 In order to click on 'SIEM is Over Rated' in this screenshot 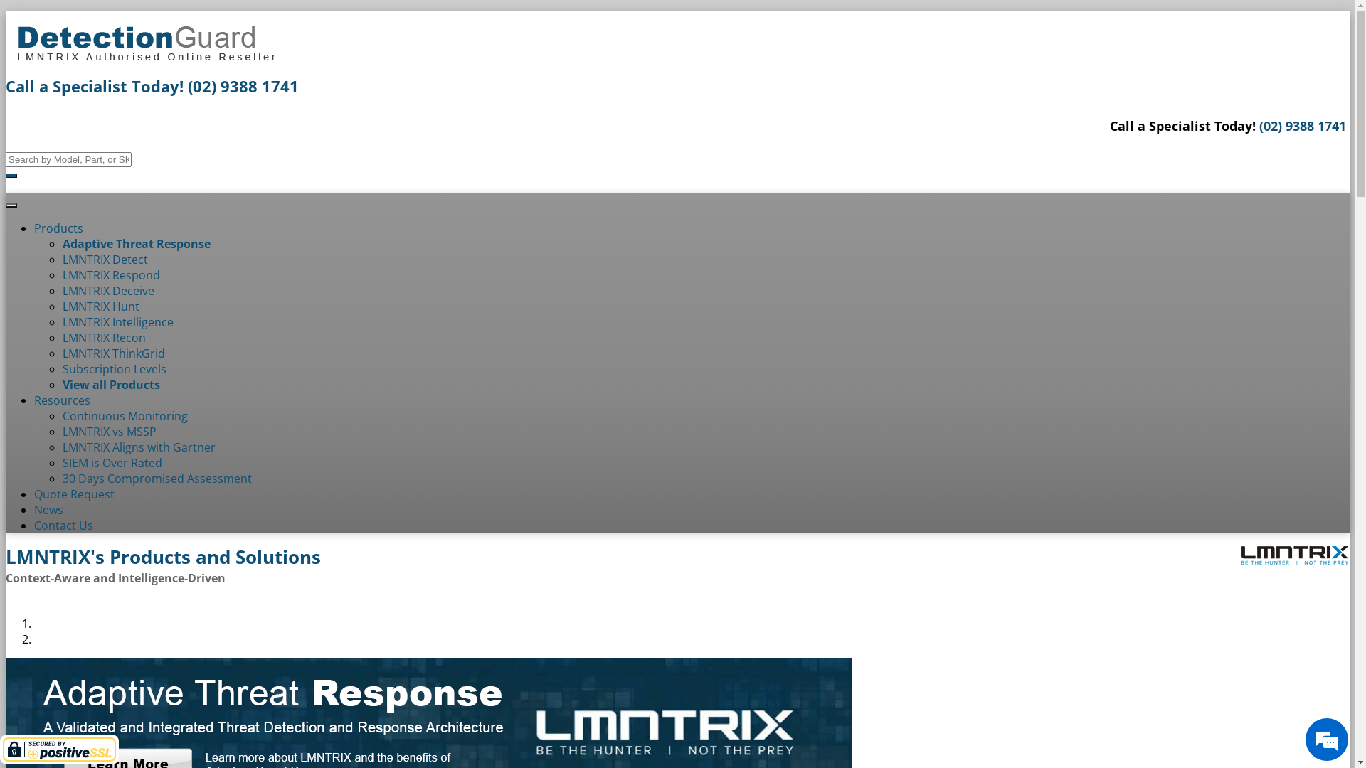, I will do `click(112, 463)`.